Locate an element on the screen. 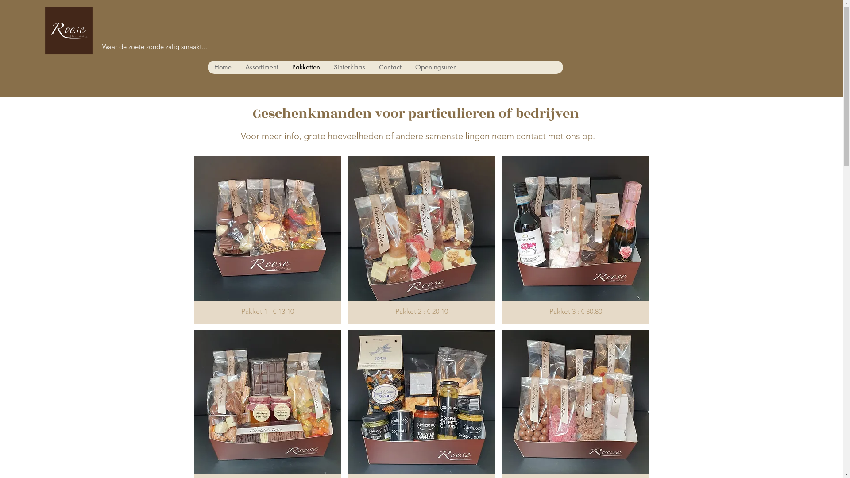 The height and width of the screenshot is (478, 850). 'Pakketten' is located at coordinates (306, 66).